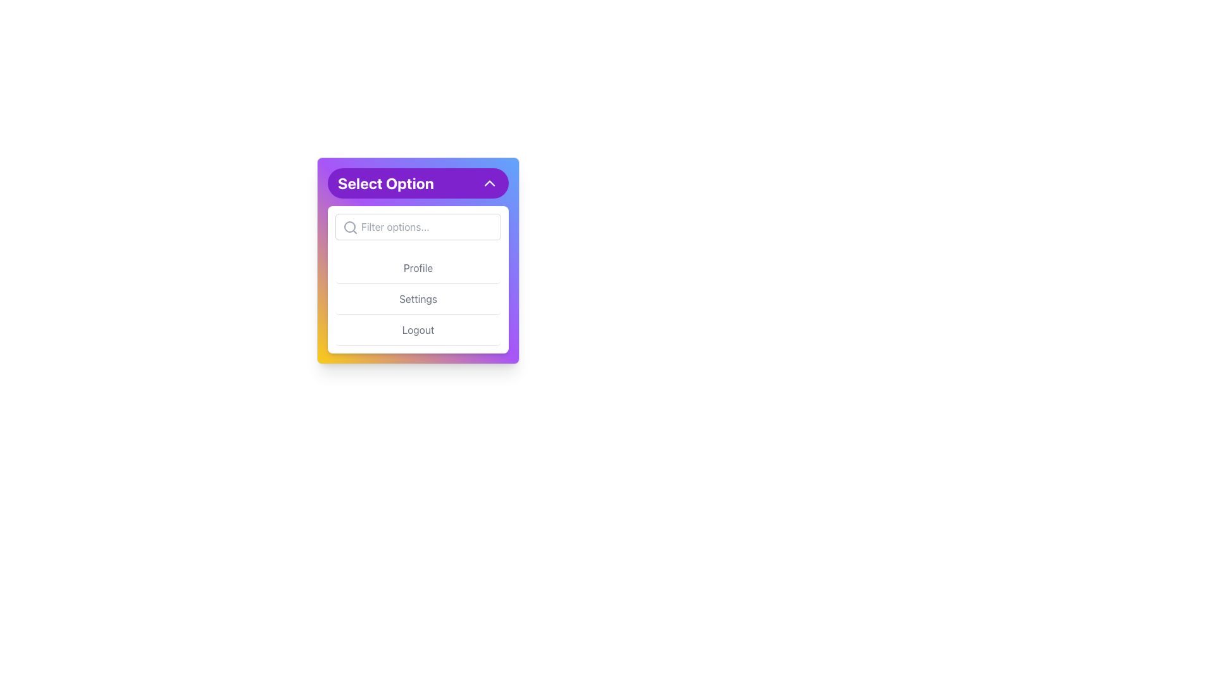 This screenshot has height=683, width=1215. I want to click on the 'Logout' button located at the bottom of the vertical list of options to observe the visual hover effect, so click(418, 329).